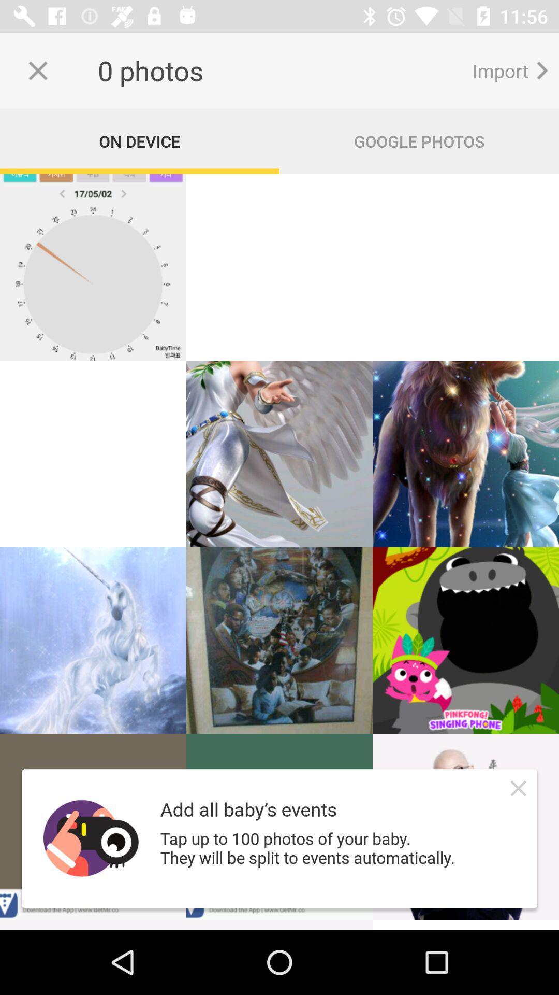 The width and height of the screenshot is (559, 995). Describe the element at coordinates (279, 454) in the screenshot. I see `the image in the second row` at that location.